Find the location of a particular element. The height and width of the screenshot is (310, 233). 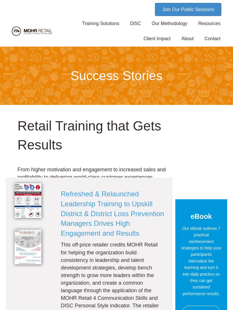

'eBook' is located at coordinates (190, 216).